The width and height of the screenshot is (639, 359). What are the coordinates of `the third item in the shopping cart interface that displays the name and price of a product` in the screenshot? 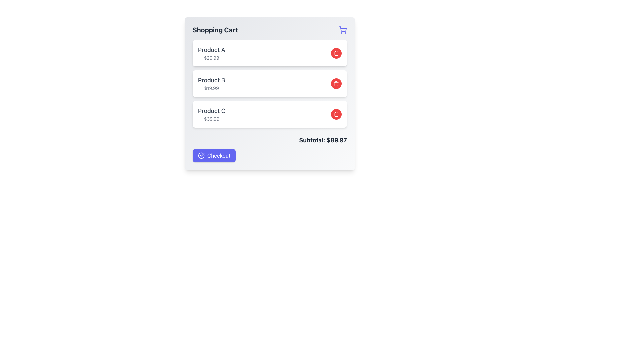 It's located at (211, 114).